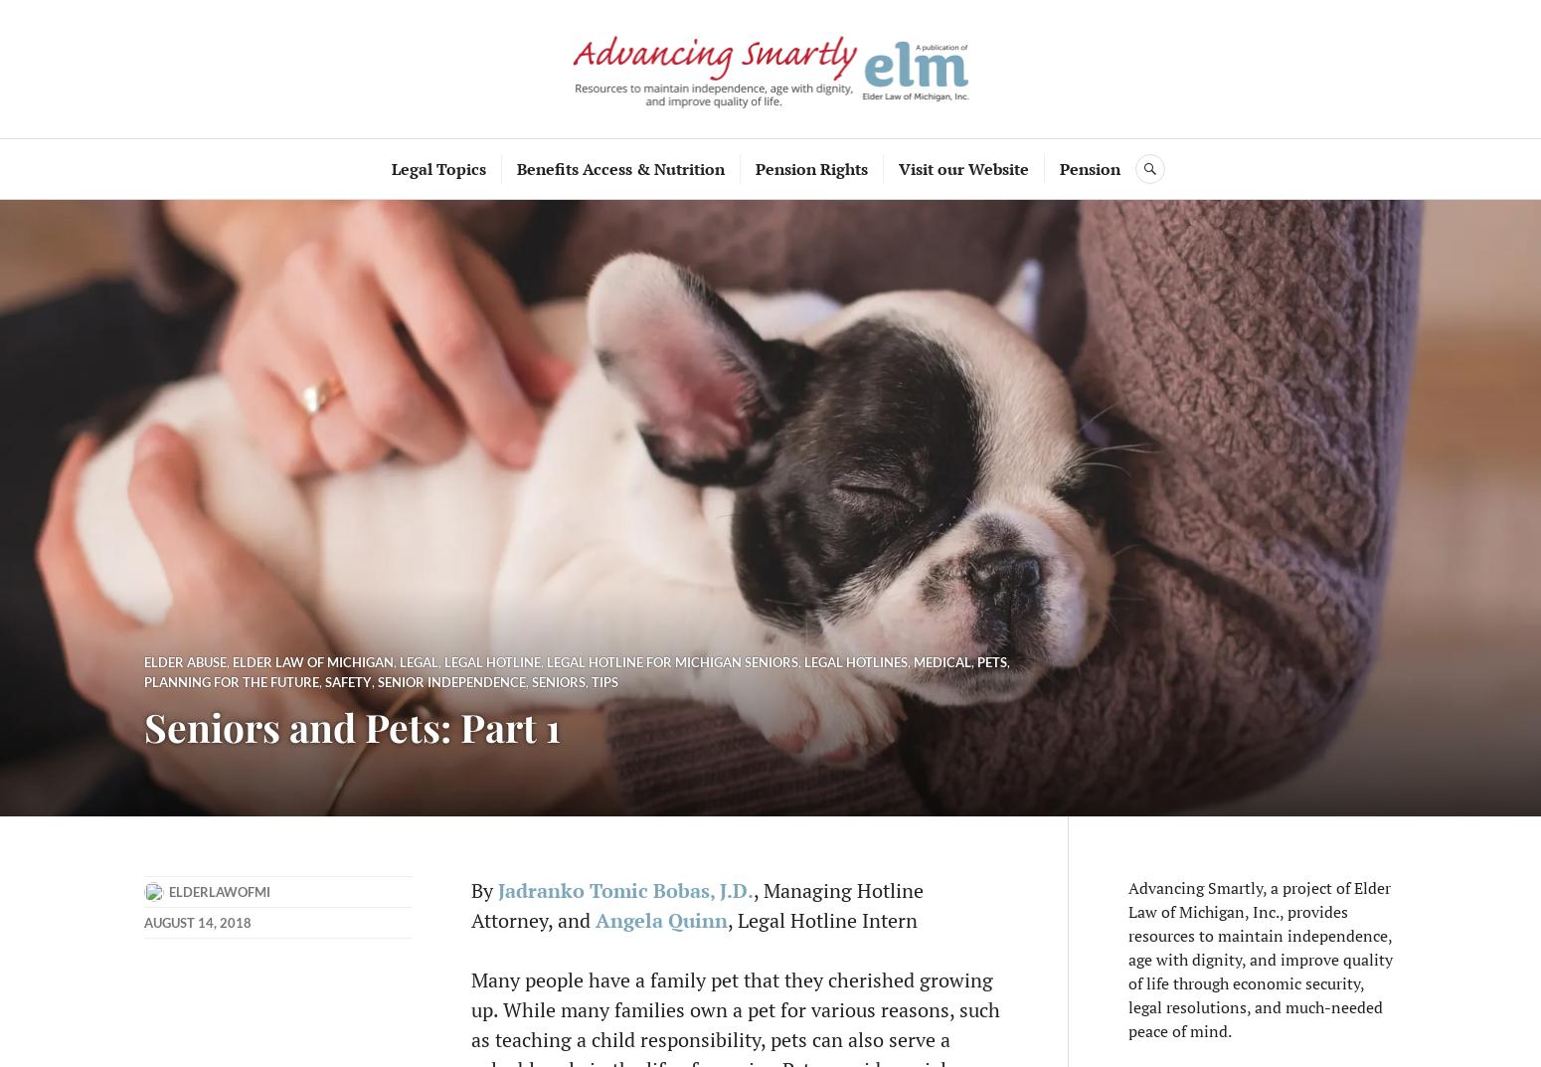 The image size is (1541, 1067). Describe the element at coordinates (898, 167) in the screenshot. I see `'Visit our Website'` at that location.